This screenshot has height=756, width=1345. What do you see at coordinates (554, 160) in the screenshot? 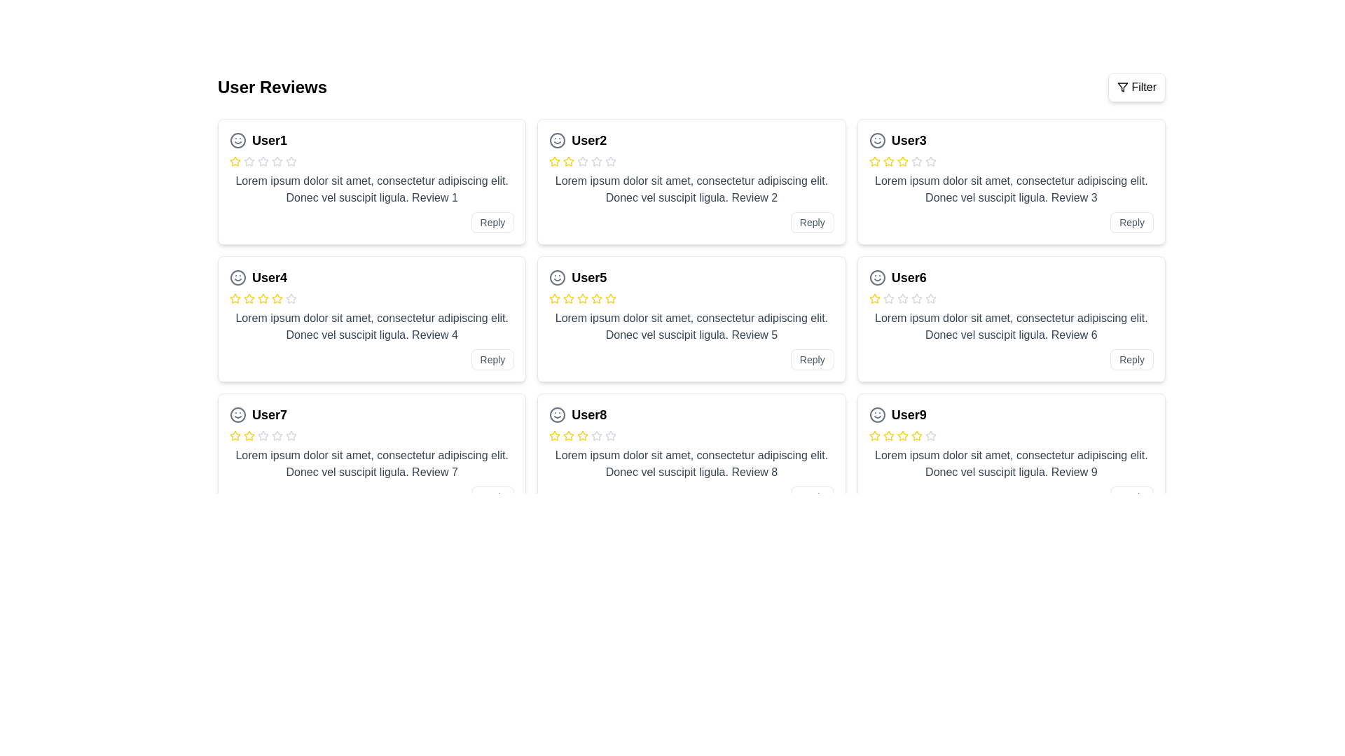
I see `the second yellow star outline in the rating section of the review card for 'User2'` at bounding box center [554, 160].